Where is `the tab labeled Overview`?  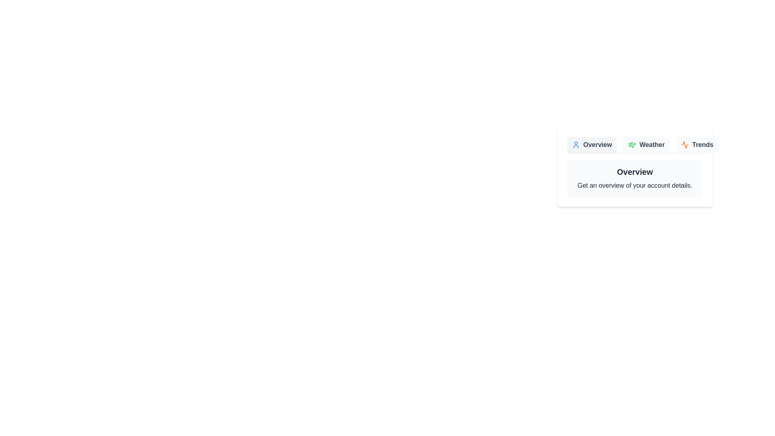
the tab labeled Overview is located at coordinates (592, 144).